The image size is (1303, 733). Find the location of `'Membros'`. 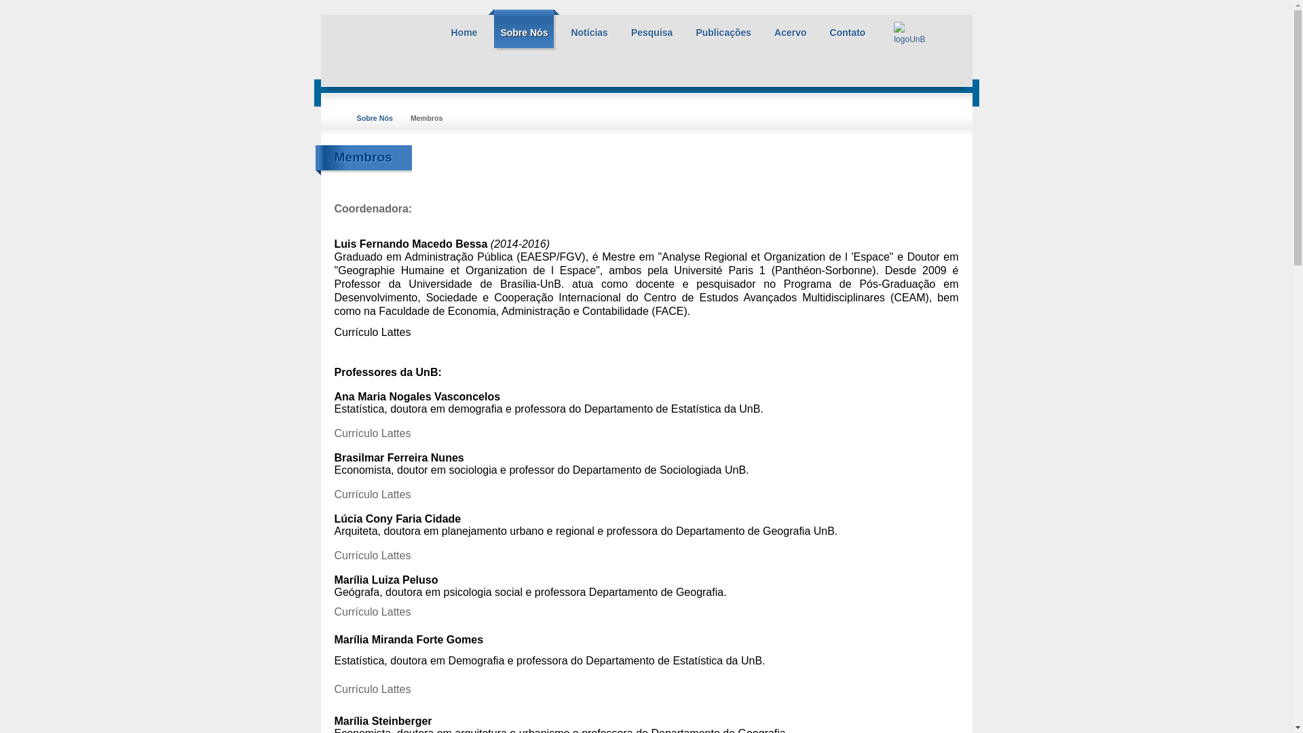

'Membros' is located at coordinates (362, 156).